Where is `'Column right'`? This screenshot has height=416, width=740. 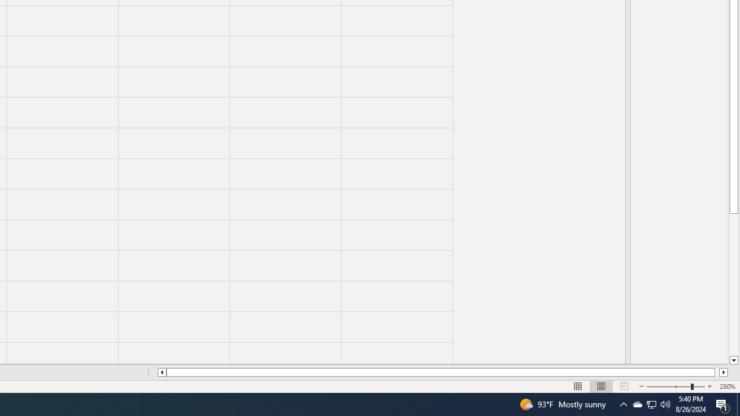
'Column right' is located at coordinates (723, 372).